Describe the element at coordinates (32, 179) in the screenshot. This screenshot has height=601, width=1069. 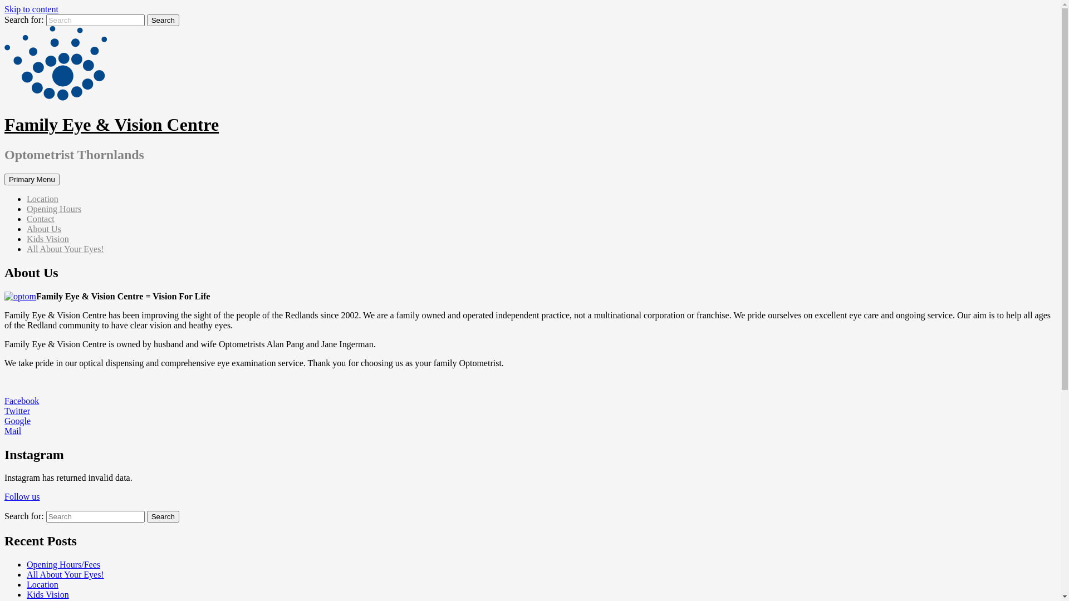
I see `'Primary Menu'` at that location.